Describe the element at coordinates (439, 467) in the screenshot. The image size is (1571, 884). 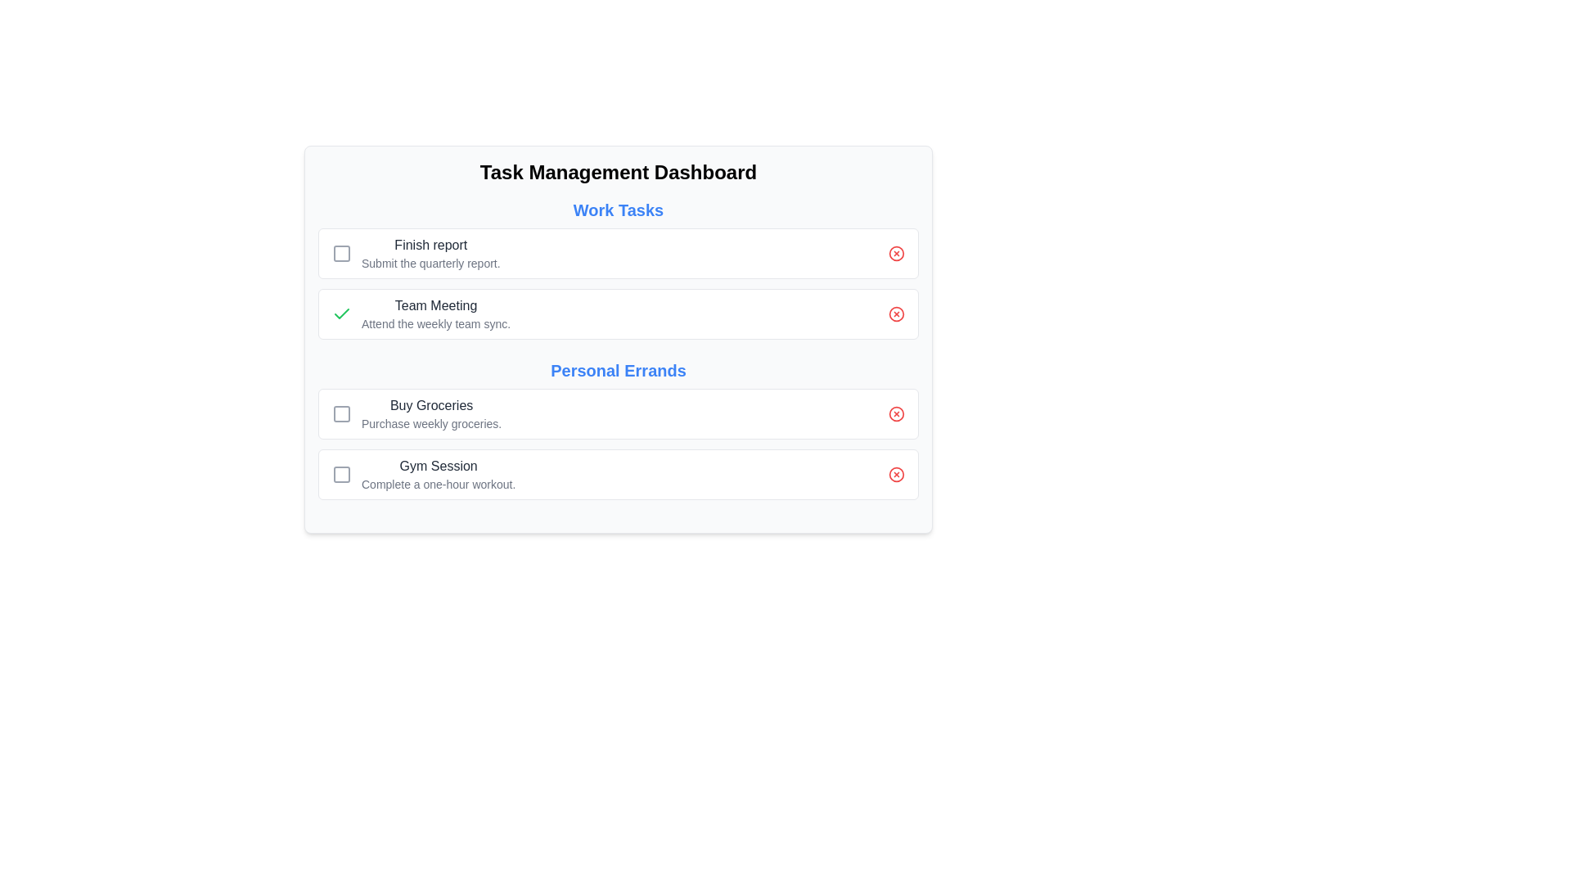
I see `the Text label that serves as a title for a task item in the 'Personal Errands' section, positioned below 'Buy Groceries' and above 'Complete a one-hour workout.'` at that location.